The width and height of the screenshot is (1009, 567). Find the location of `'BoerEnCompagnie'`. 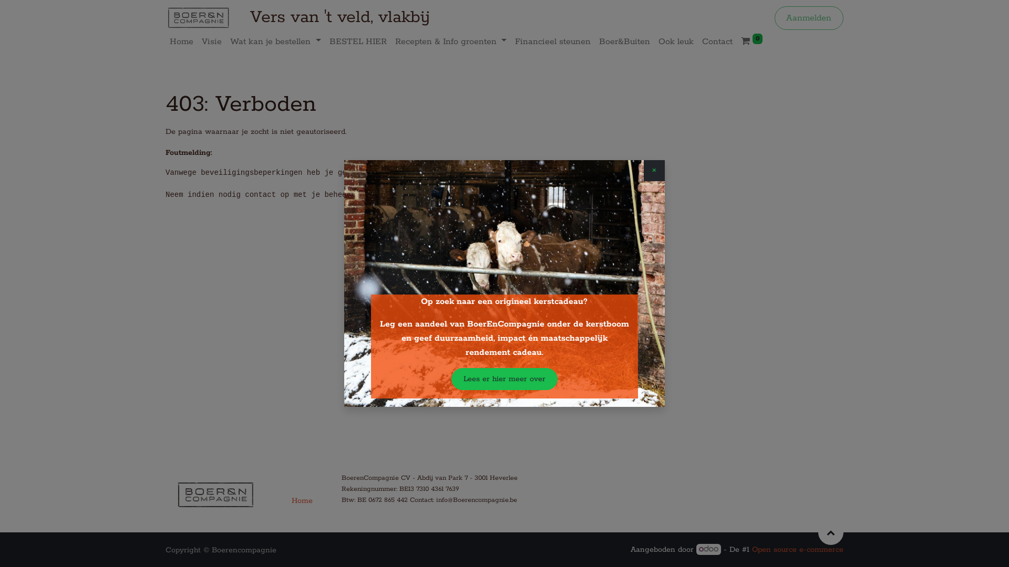

'BoerEnCompagnie' is located at coordinates (198, 18).